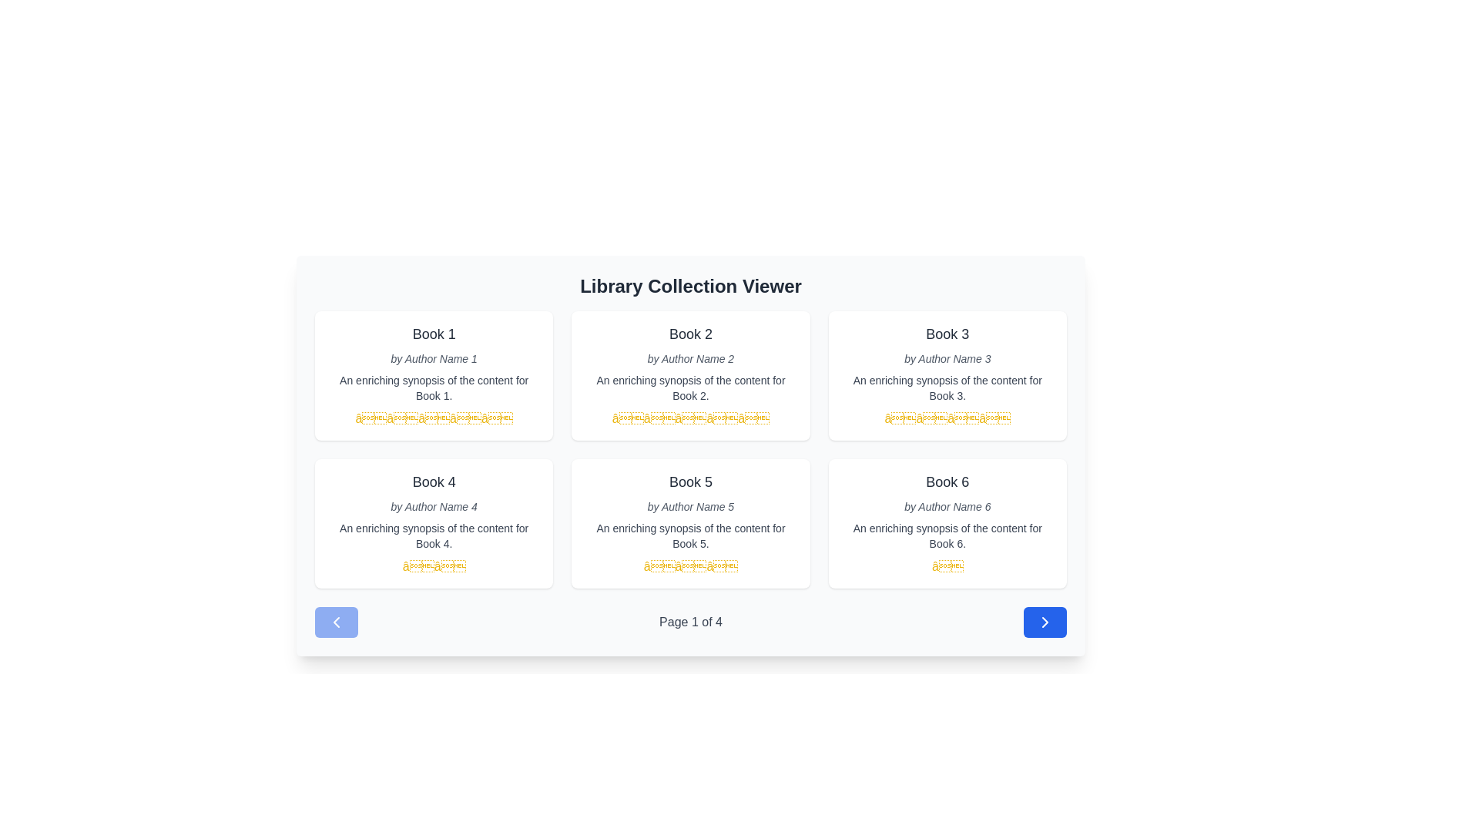 The image size is (1479, 832). Describe the element at coordinates (433, 418) in the screenshot. I see `the five-star rating display located at the bottom of the card for 'Book 1', which visually indicates the rating associated with the book` at that location.